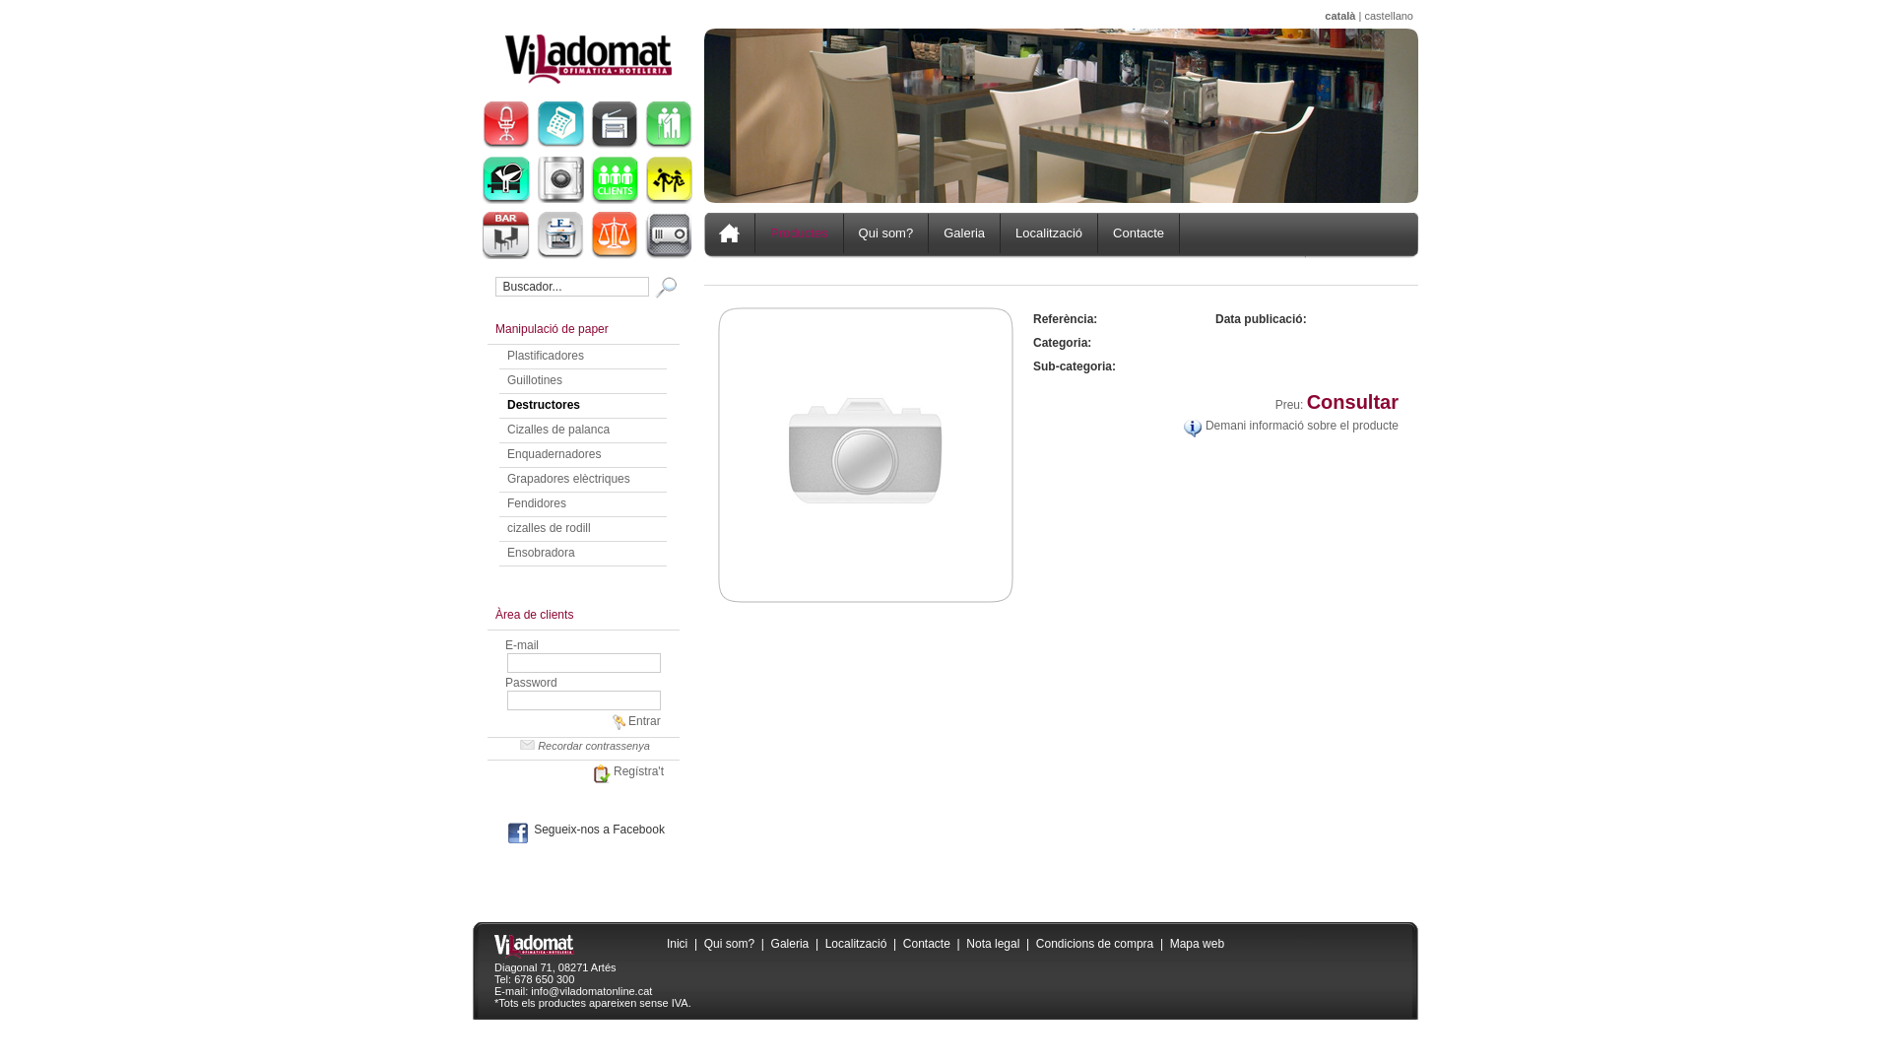 The image size is (1891, 1064). What do you see at coordinates (505, 234) in the screenshot?
I see `'Mobiliari bar/restaurants'` at bounding box center [505, 234].